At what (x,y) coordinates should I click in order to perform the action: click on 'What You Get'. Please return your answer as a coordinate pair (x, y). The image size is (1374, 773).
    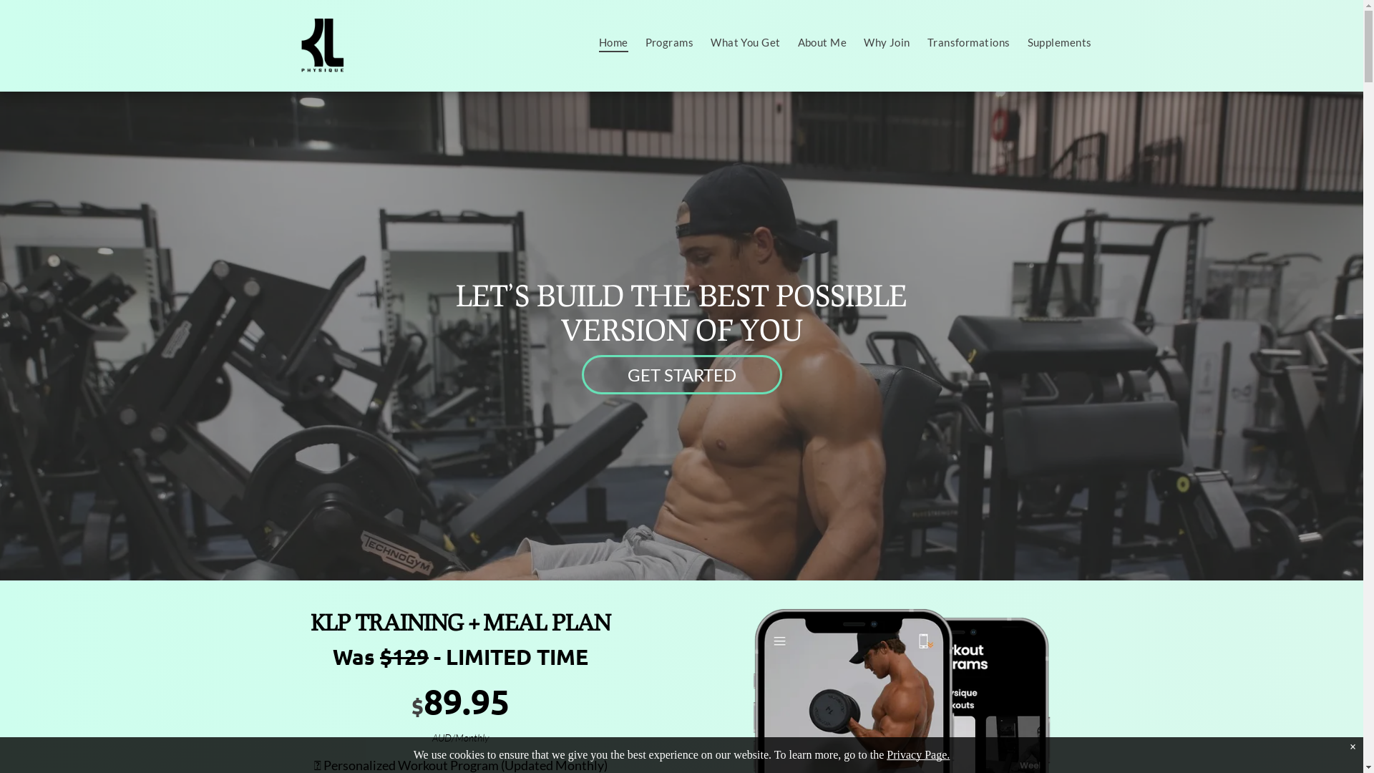
    Looking at the image, I should click on (744, 41).